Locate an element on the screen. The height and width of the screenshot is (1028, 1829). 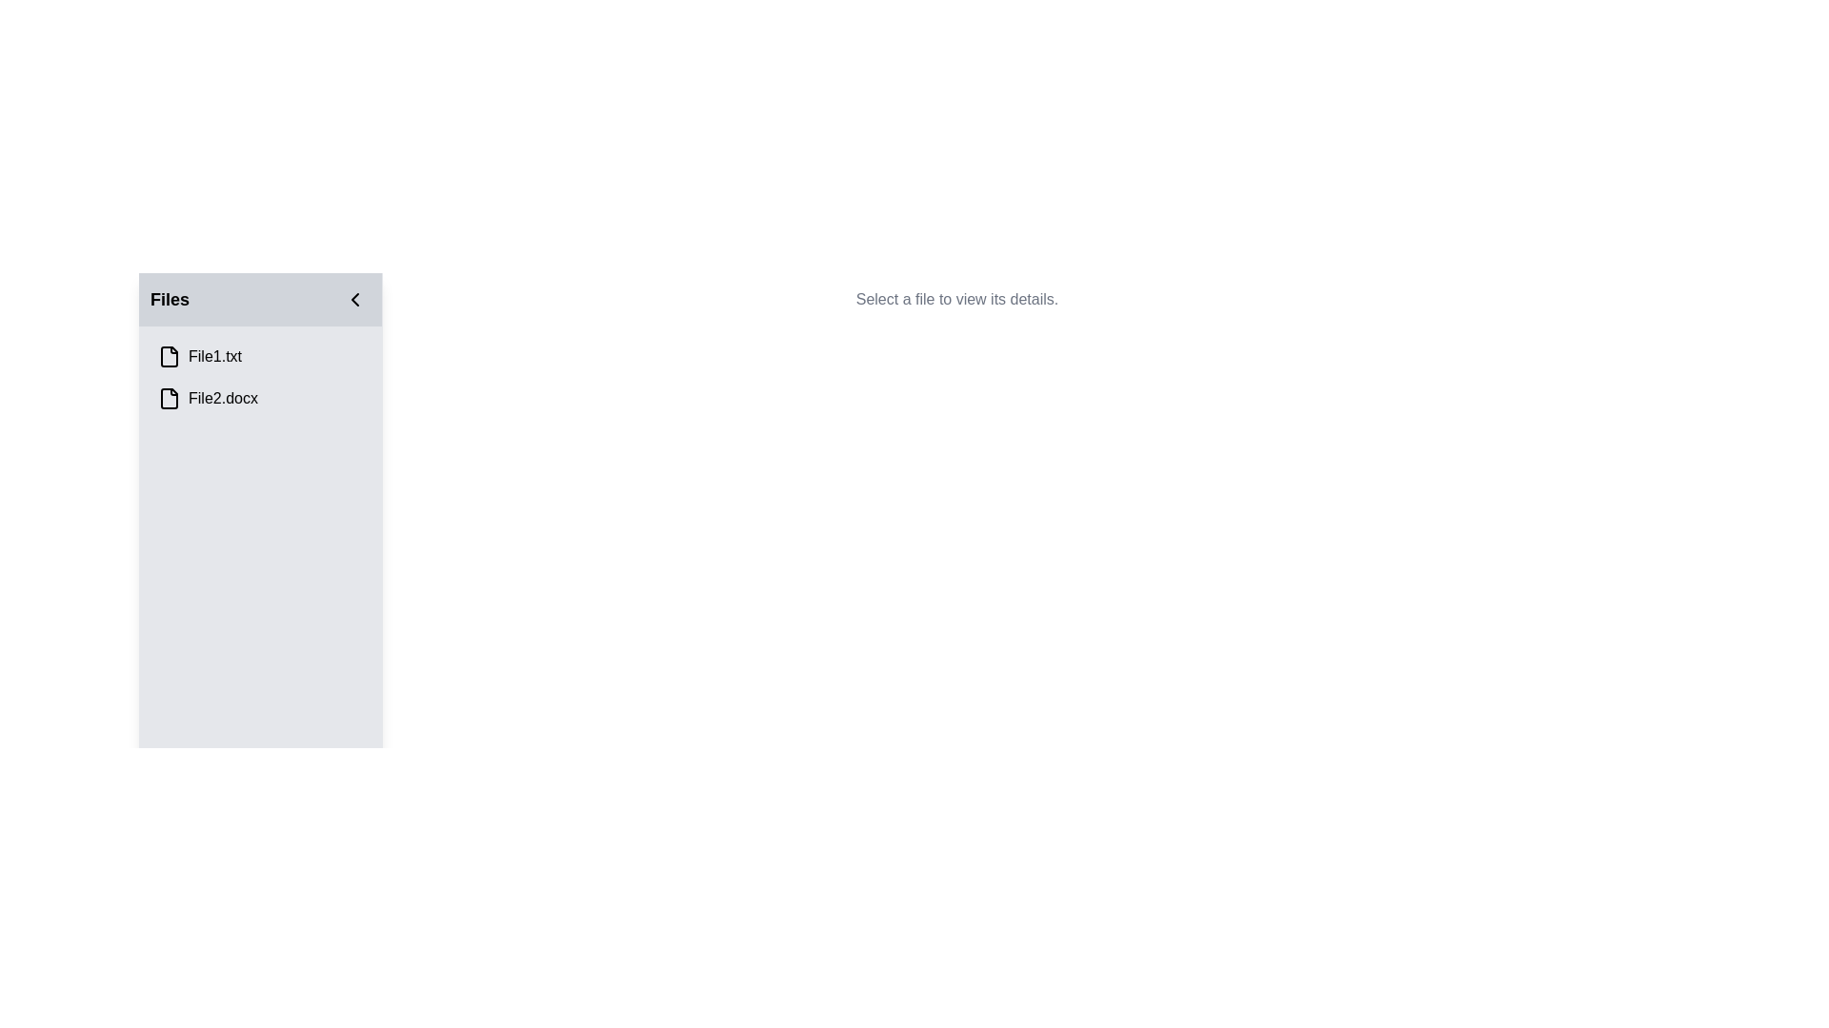
the left-facing chevron icon in the top section of the sidebar, located to the right of the 'Files' label is located at coordinates (355, 300).